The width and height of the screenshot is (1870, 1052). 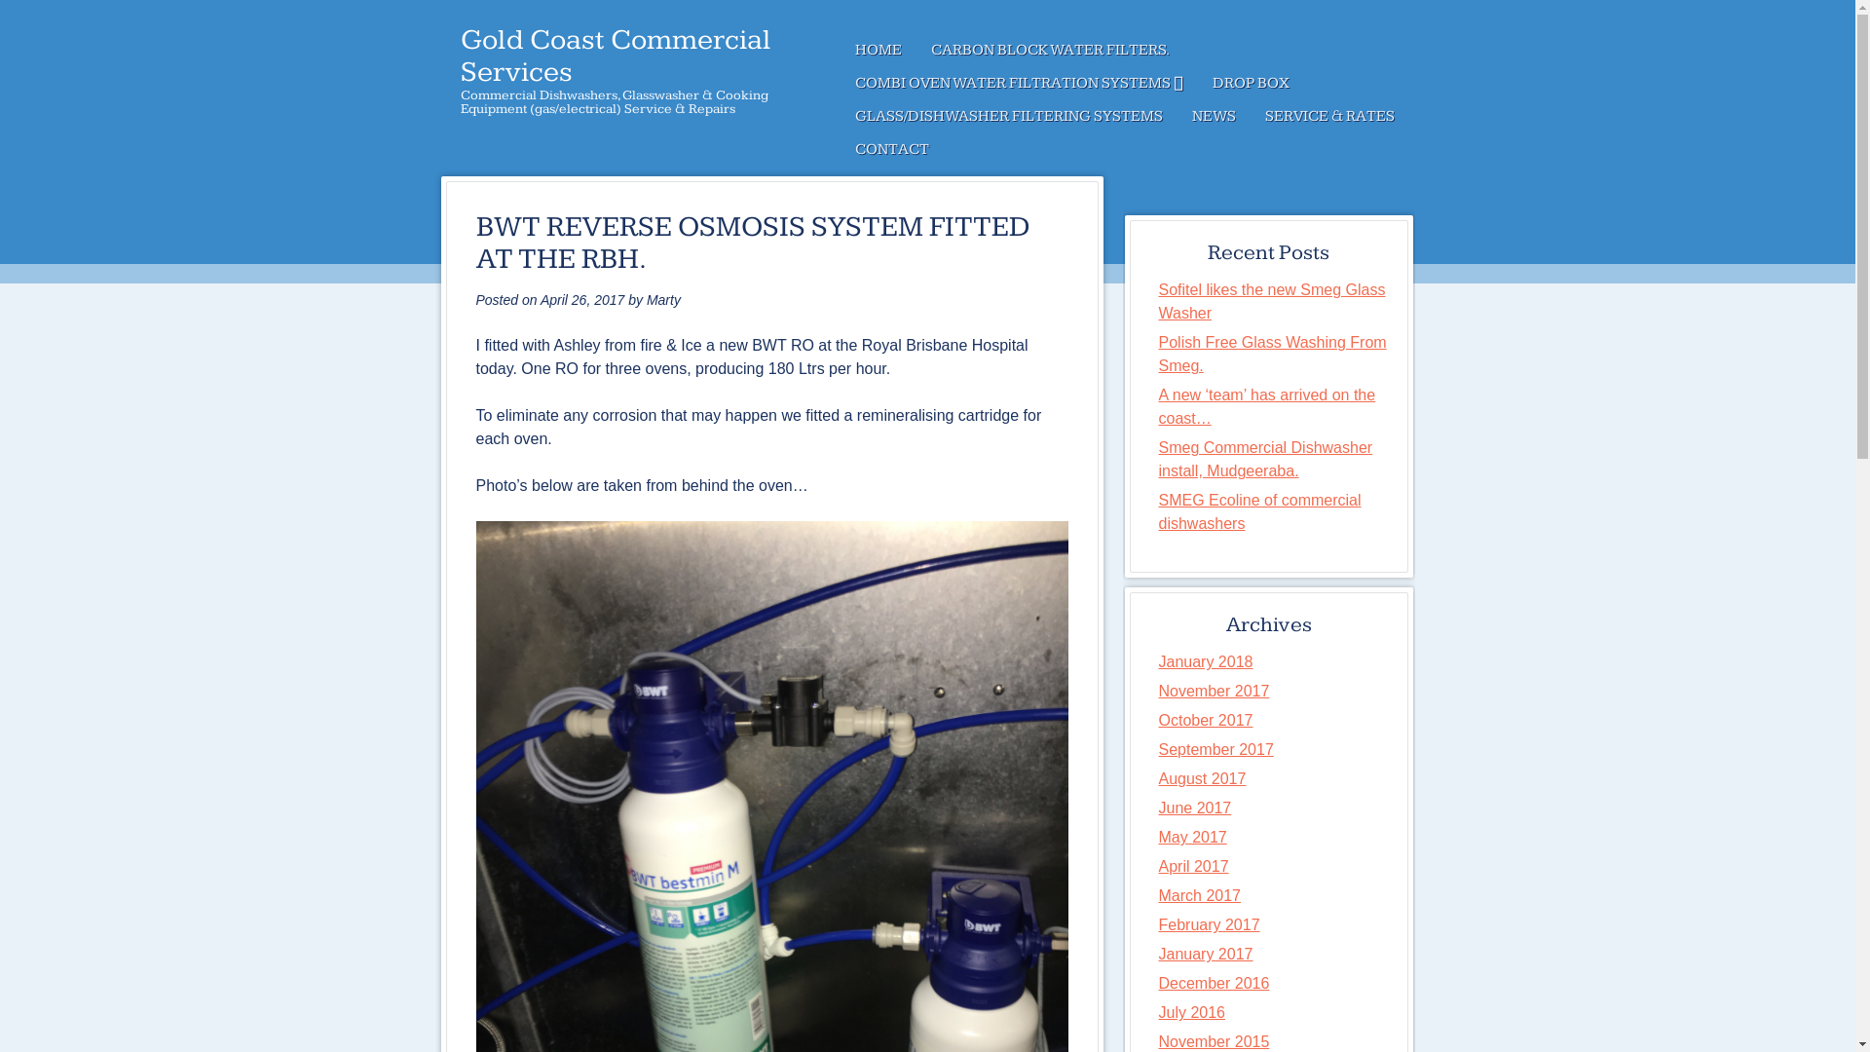 I want to click on 'SMEG Ecoline of commercial dishwashers', so click(x=1260, y=510).